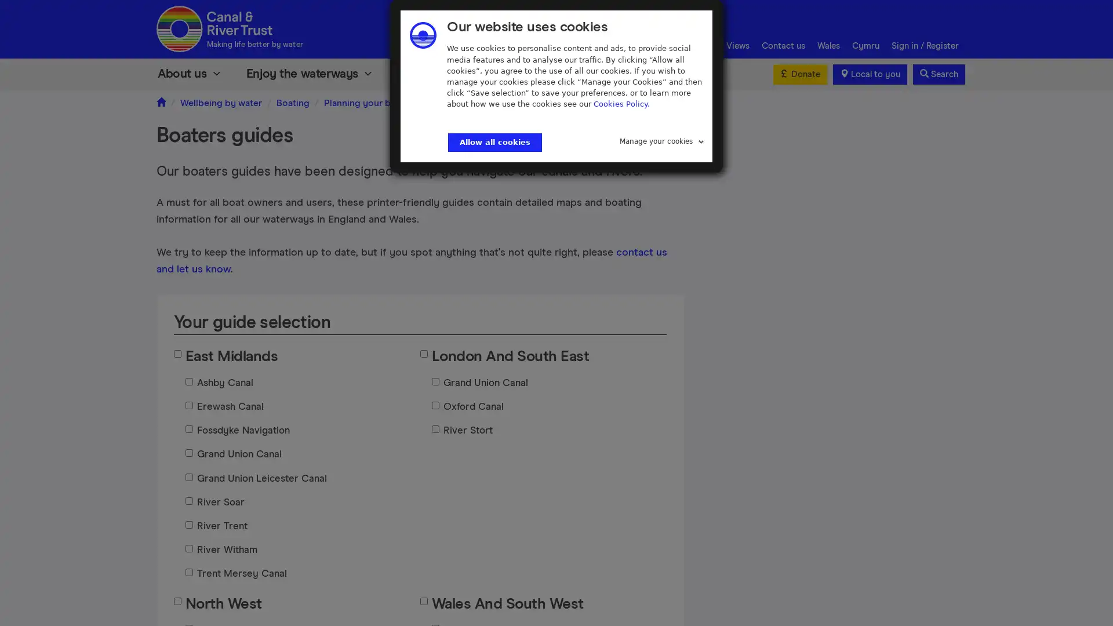 Image resolution: width=1113 pixels, height=626 pixels. What do you see at coordinates (192, 74) in the screenshot?
I see `About us` at bounding box center [192, 74].